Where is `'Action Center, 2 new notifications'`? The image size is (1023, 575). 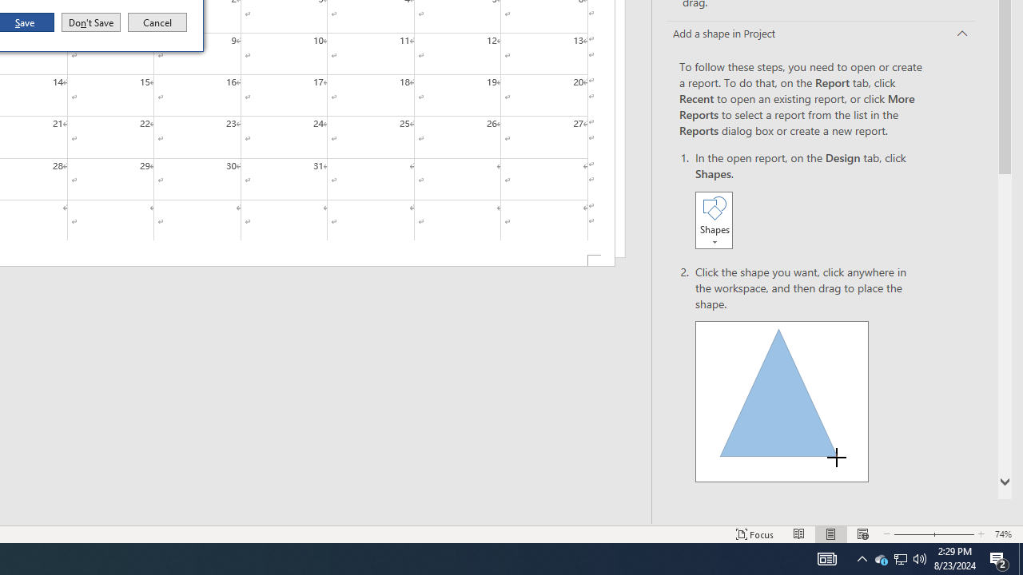
'Action Center, 2 new notifications' is located at coordinates (999, 557).